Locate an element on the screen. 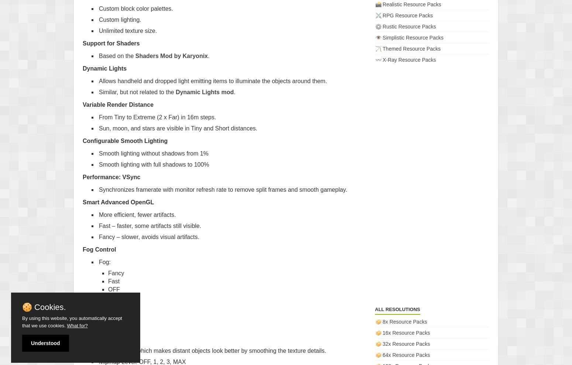  '8x Resource Packs' is located at coordinates (404, 321).